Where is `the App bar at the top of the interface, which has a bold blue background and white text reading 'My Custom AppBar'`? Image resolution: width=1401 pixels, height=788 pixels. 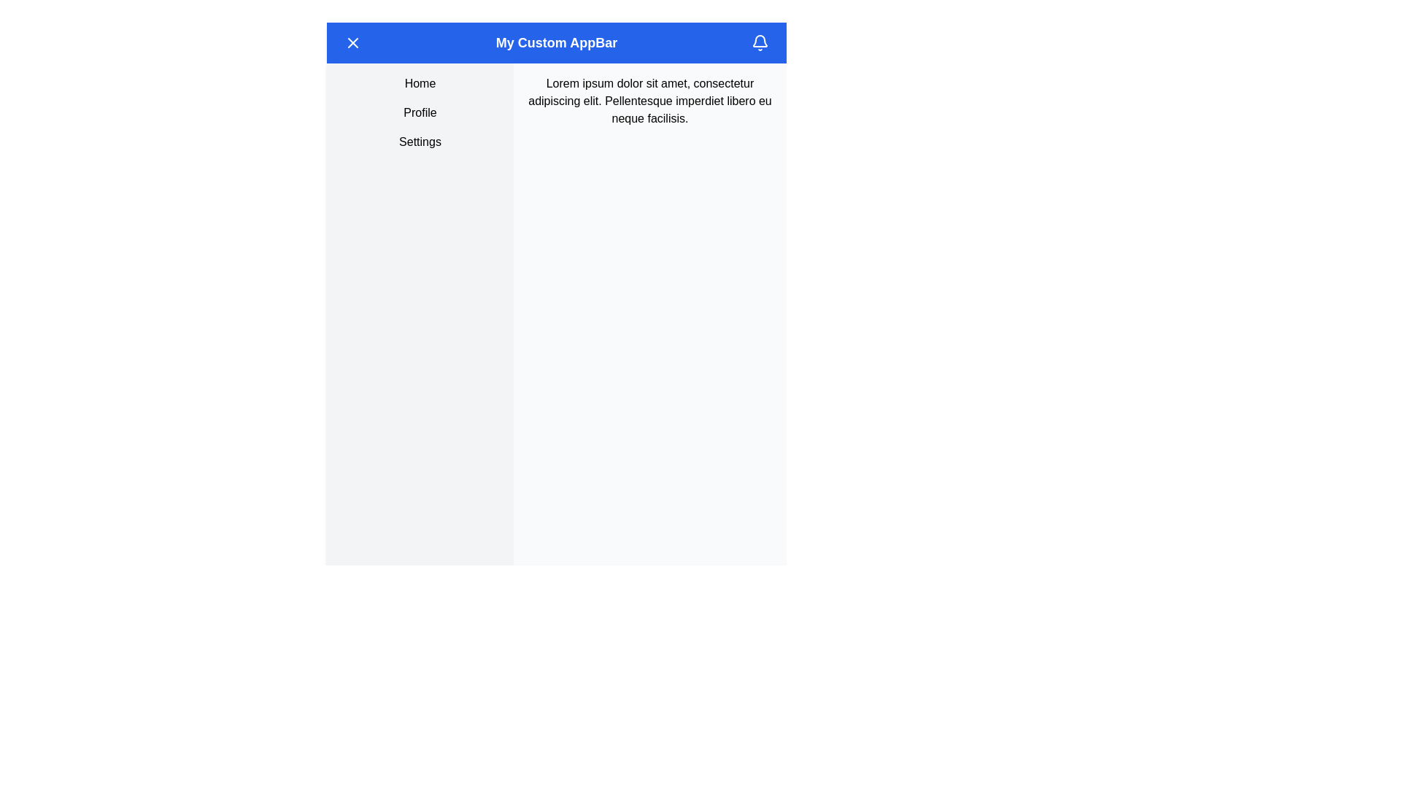 the App bar at the top of the interface, which has a bold blue background and white text reading 'My Custom AppBar' is located at coordinates (556, 42).